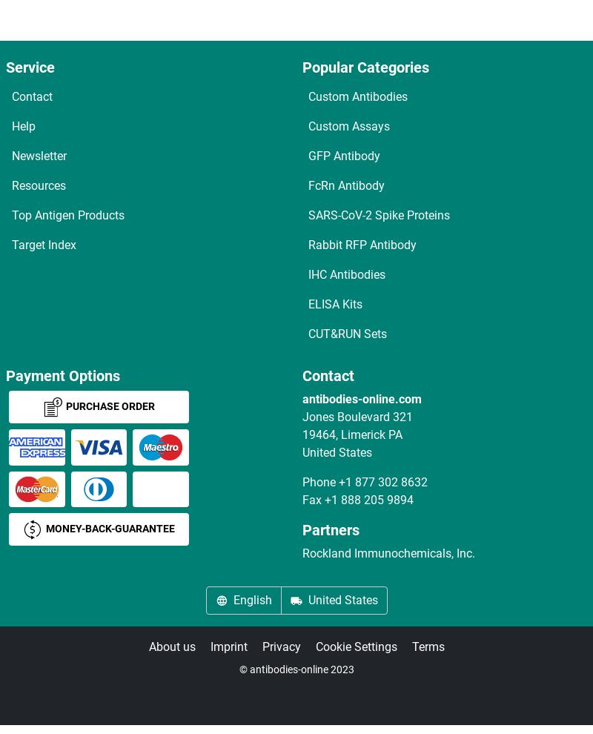 Image resolution: width=593 pixels, height=734 pixels. I want to click on 'FT1 ELISA Kits', so click(68, 239).